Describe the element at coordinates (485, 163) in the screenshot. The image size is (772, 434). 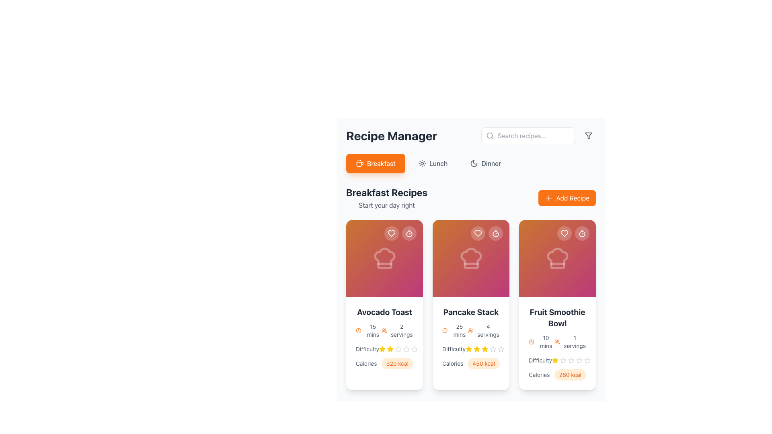
I see `the 'Dinner' button with a moon icon` at that location.